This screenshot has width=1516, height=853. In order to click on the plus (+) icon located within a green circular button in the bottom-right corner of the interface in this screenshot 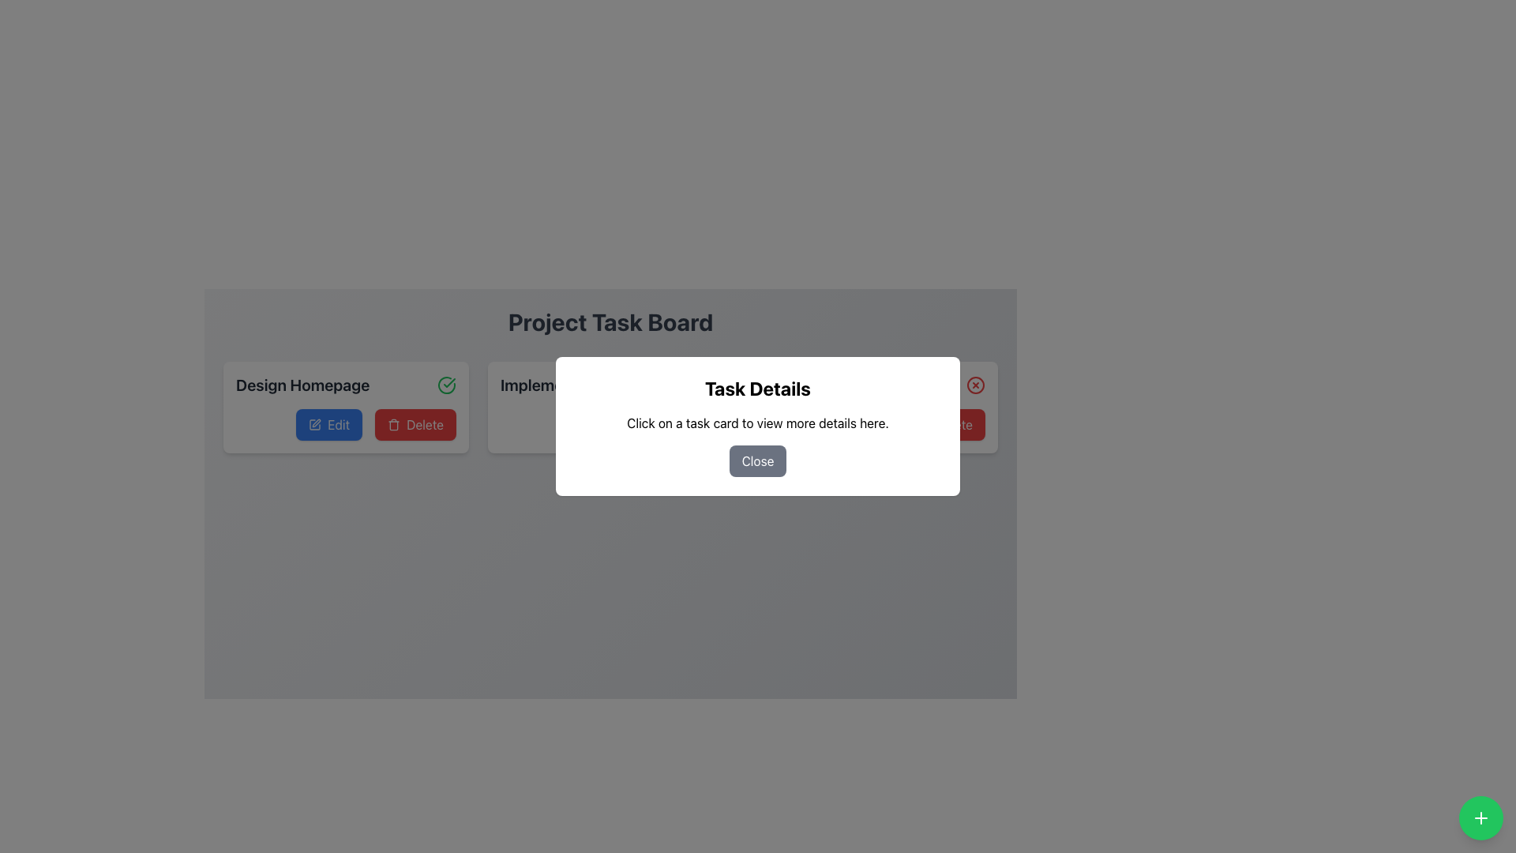, I will do `click(1480, 817)`.